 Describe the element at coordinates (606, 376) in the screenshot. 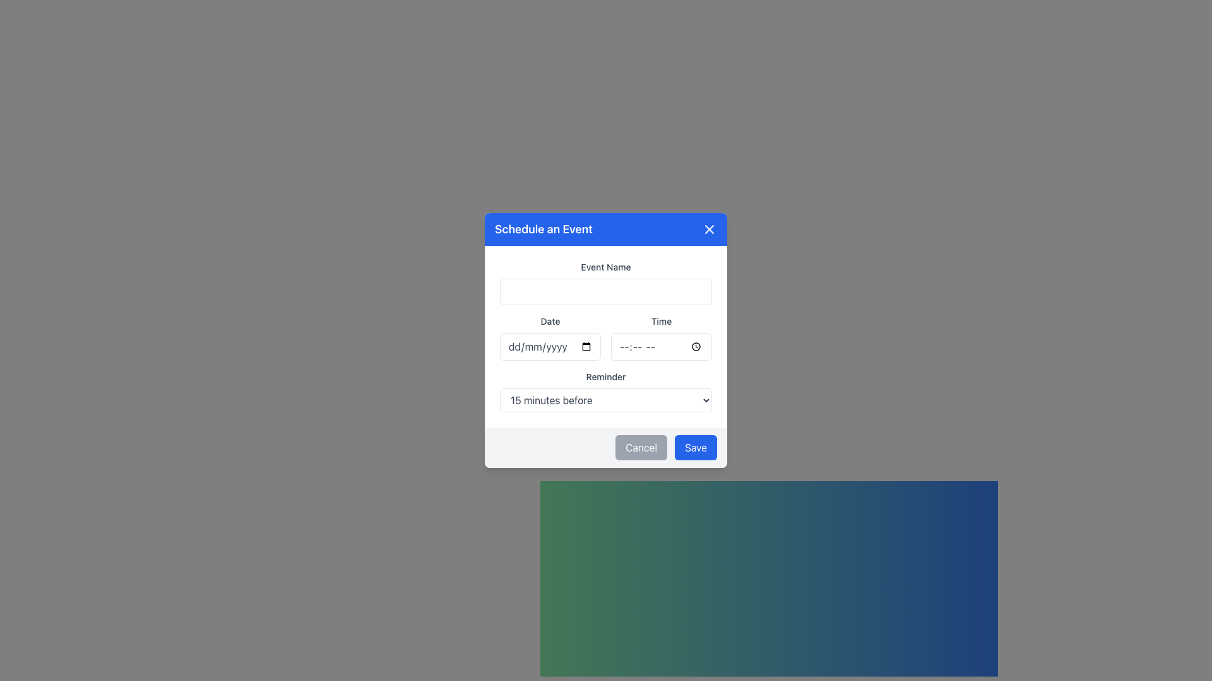

I see `the static text label displaying 'Reminder', which is styled in medium gray and positioned above the reminder dropdown menu` at that location.